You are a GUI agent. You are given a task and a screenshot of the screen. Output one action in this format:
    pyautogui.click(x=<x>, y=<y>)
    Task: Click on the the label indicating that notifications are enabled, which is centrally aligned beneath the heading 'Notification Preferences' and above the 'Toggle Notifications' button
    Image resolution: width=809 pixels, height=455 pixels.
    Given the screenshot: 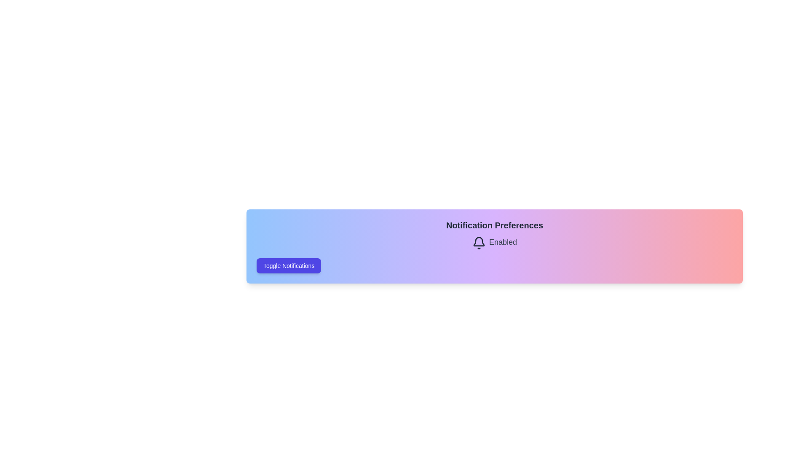 What is the action you would take?
    pyautogui.click(x=495, y=243)
    